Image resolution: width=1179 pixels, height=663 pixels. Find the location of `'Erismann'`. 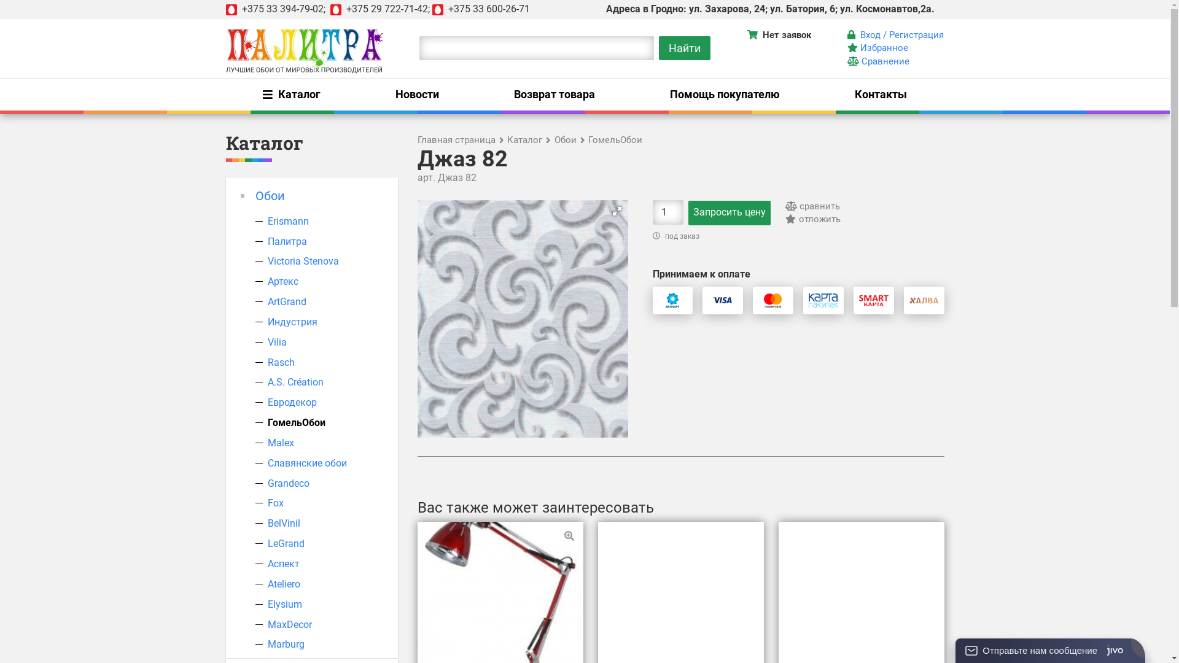

'Erismann' is located at coordinates (267, 221).